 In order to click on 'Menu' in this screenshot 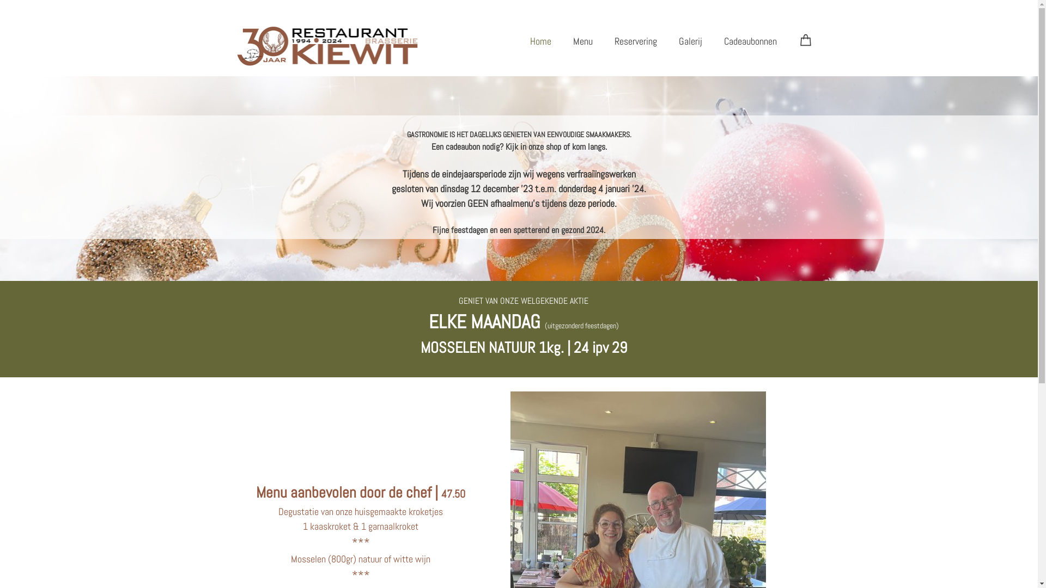, I will do `click(562, 40)`.